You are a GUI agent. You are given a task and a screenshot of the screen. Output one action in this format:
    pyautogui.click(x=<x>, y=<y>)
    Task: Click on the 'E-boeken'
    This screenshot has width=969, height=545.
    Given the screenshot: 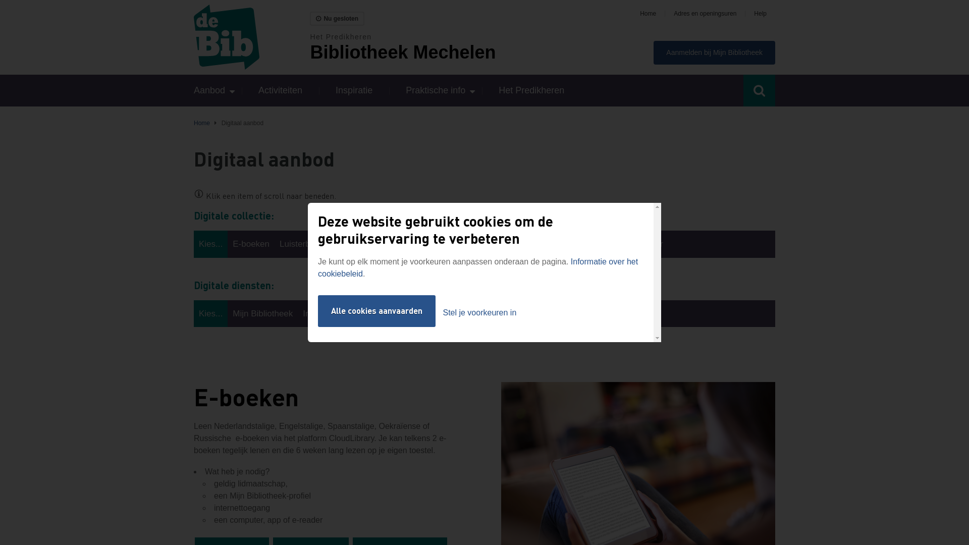 What is the action you would take?
    pyautogui.click(x=251, y=244)
    